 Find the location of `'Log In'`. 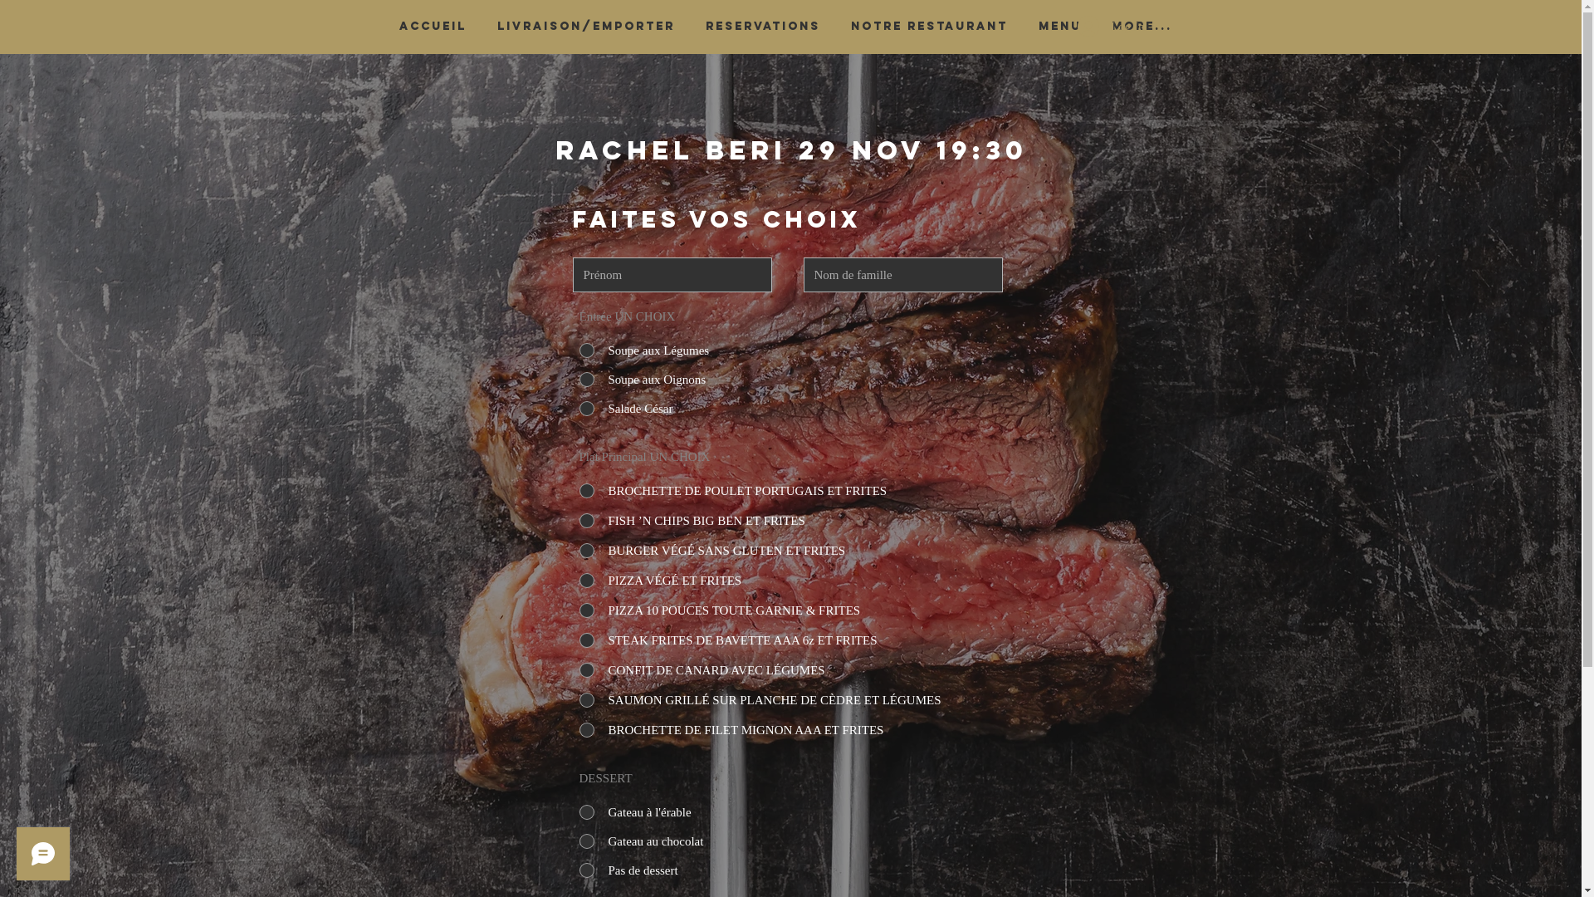

'Log In' is located at coordinates (1111, 26).